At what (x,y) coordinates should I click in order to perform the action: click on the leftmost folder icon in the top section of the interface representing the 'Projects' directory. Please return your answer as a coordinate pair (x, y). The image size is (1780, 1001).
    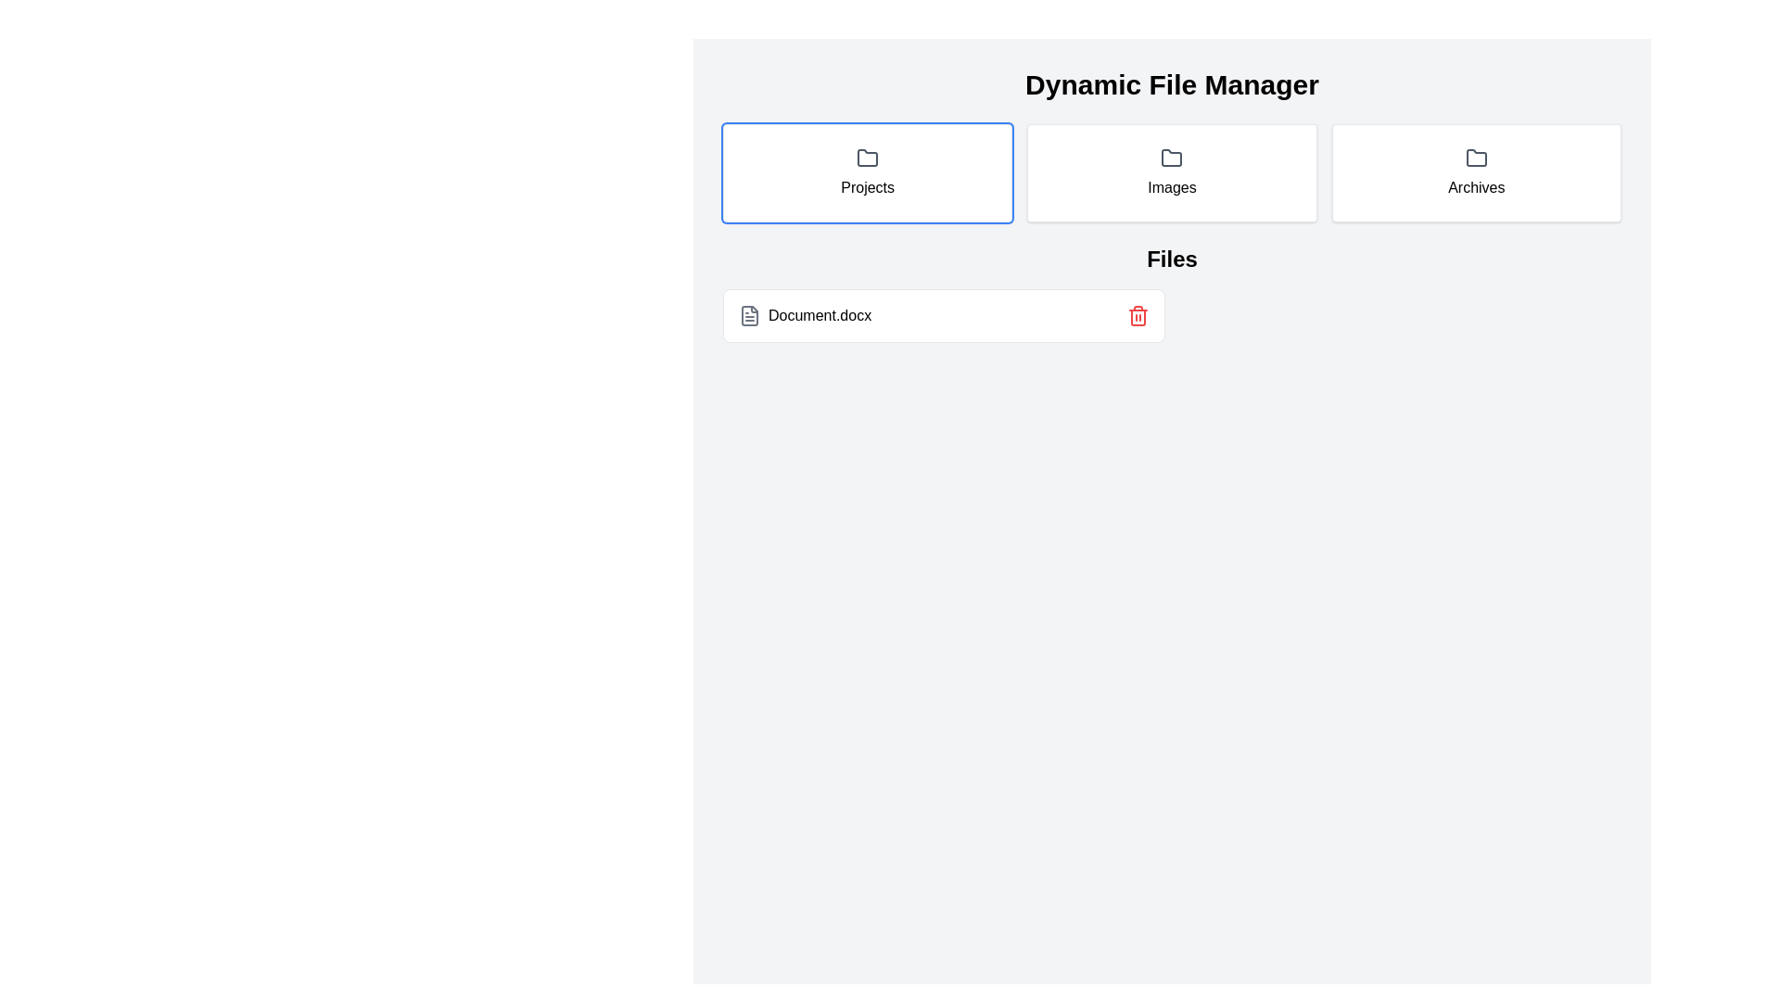
    Looking at the image, I should click on (1171, 157).